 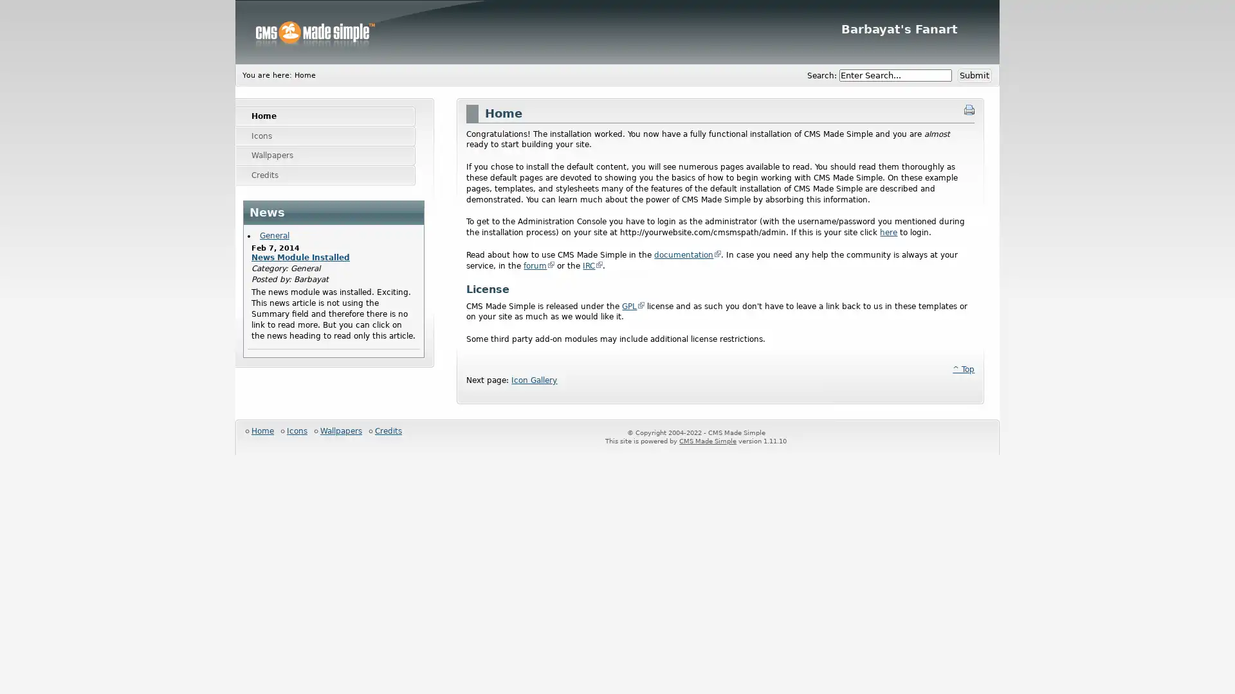 What do you see at coordinates (974, 76) in the screenshot?
I see `Submit` at bounding box center [974, 76].